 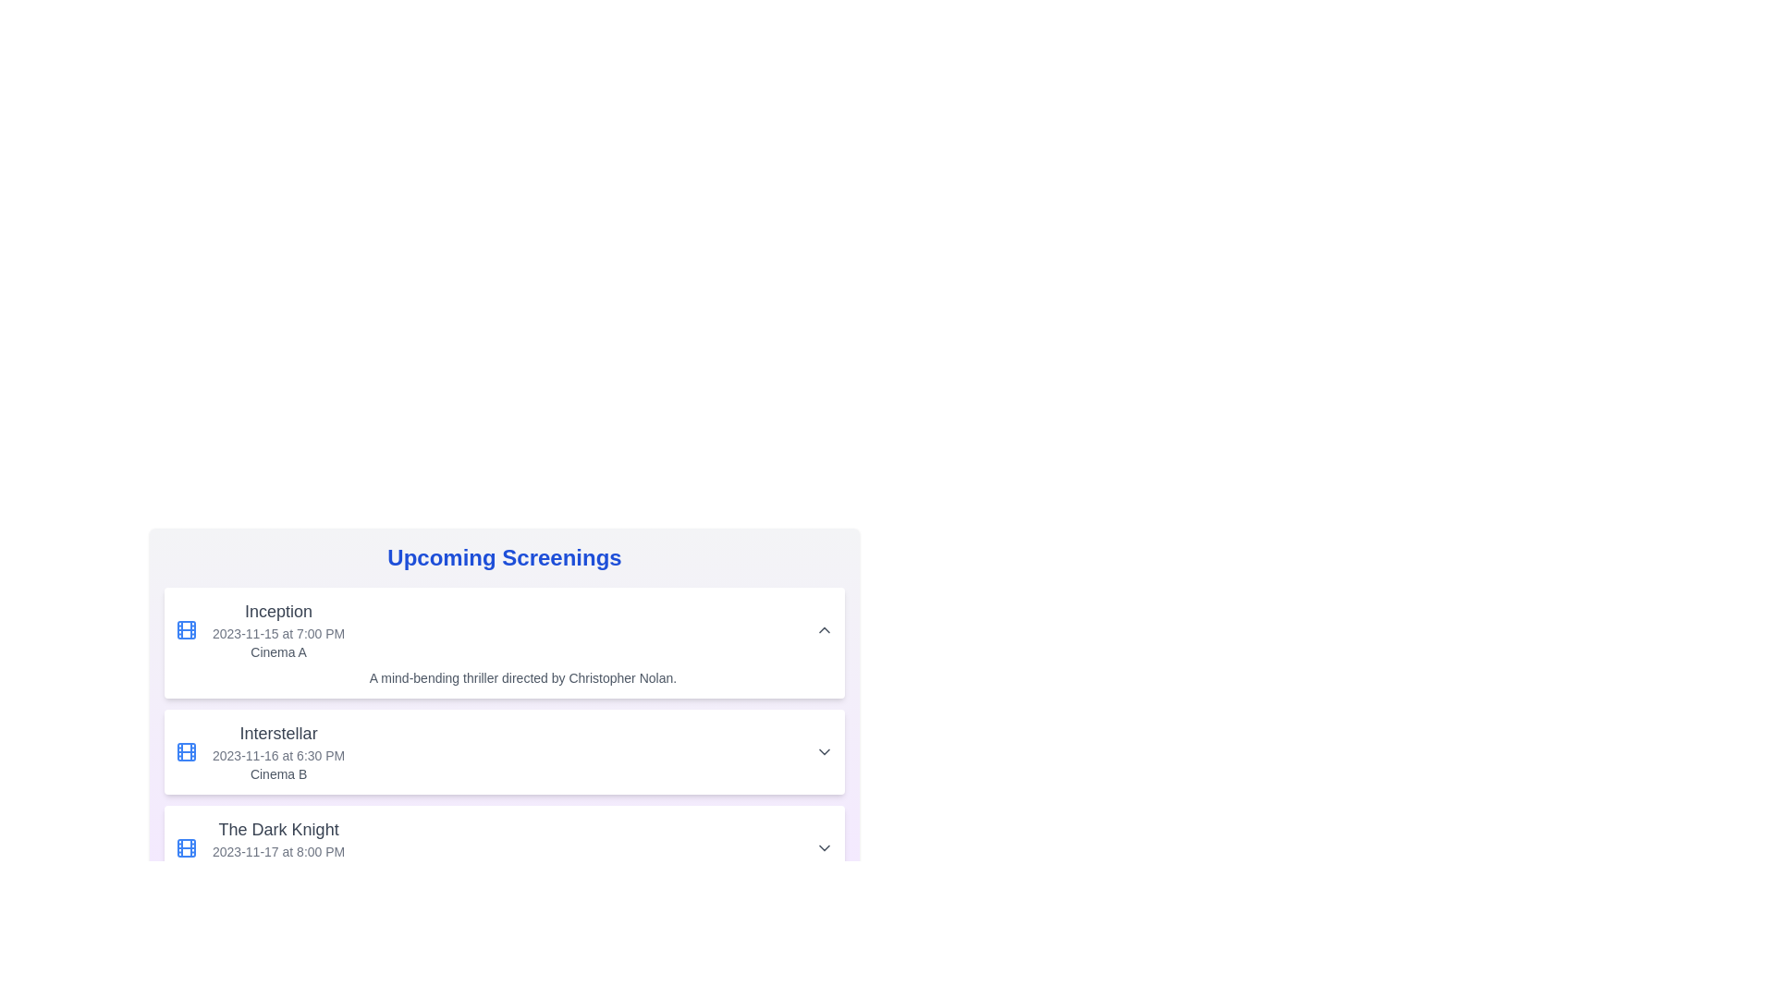 I want to click on the chevron-down icon located at the far right of the 'Interstellar' screening entry, so click(x=824, y=751).